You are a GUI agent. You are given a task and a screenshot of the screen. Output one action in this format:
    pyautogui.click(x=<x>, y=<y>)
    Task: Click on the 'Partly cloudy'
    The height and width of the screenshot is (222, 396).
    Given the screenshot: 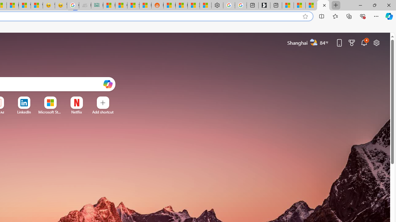 What is the action you would take?
    pyautogui.click(x=314, y=42)
    